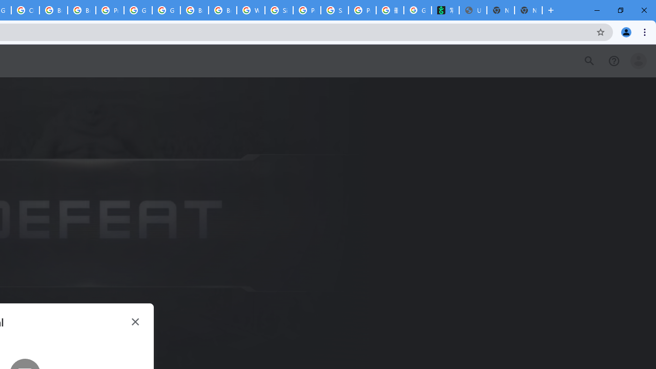 This screenshot has width=656, height=369. Describe the element at coordinates (166, 10) in the screenshot. I see `'Google Cloud Platform'` at that location.